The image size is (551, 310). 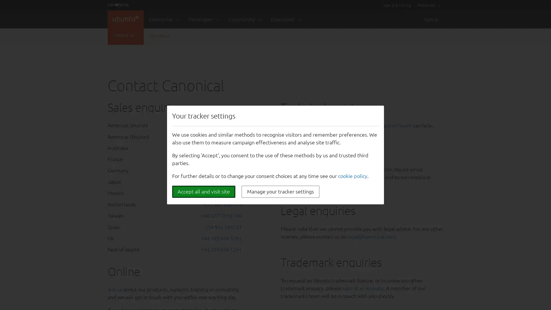 I want to click on Manage your tracker settings, so click(x=280, y=191).